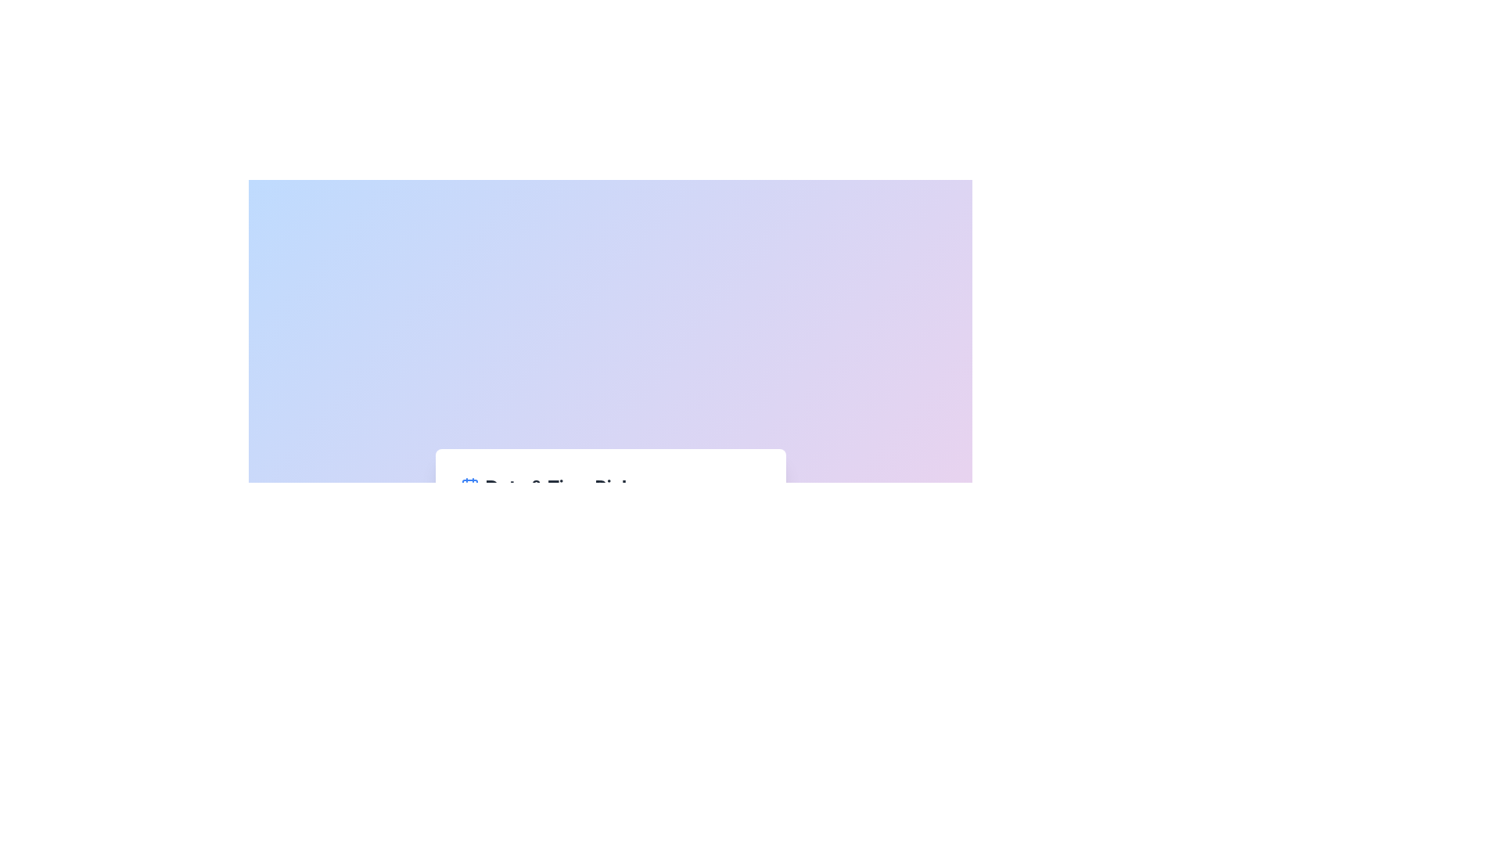  Describe the element at coordinates (609, 485) in the screenshot. I see `the Text Label with Icon that serves as a section title for date and time selection, positioned centrally in the modal dialog` at that location.